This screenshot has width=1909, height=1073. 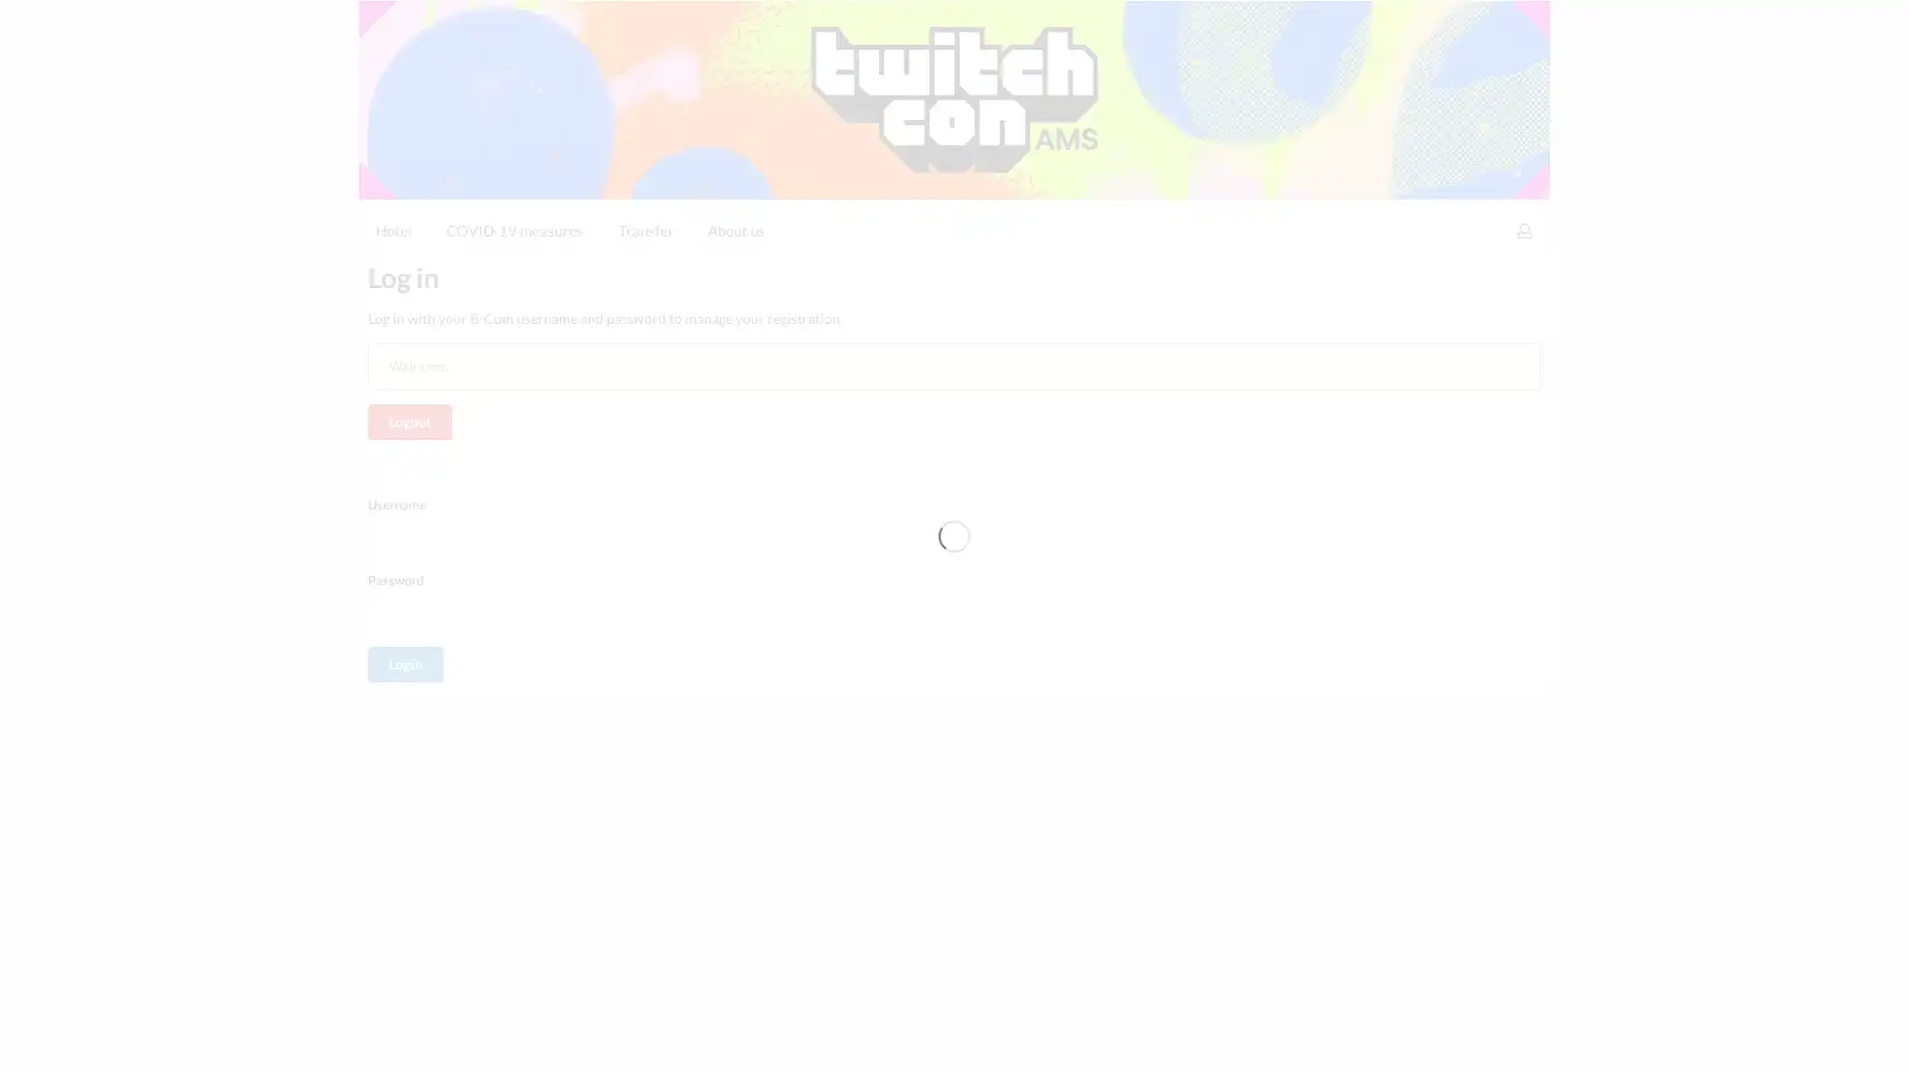 What do you see at coordinates (1222, 1040) in the screenshot?
I see `Customise Settings` at bounding box center [1222, 1040].